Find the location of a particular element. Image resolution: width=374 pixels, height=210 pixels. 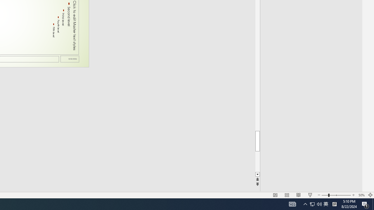

'Date' is located at coordinates (70, 59).